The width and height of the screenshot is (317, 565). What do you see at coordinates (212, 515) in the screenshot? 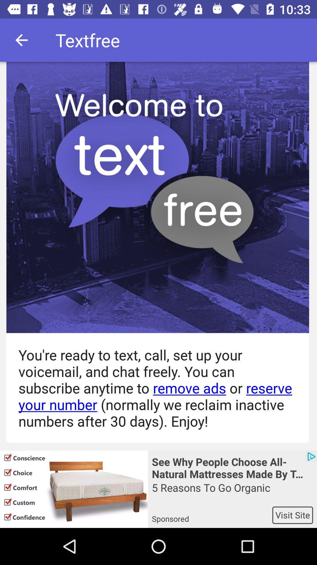
I see `sponsored app` at bounding box center [212, 515].